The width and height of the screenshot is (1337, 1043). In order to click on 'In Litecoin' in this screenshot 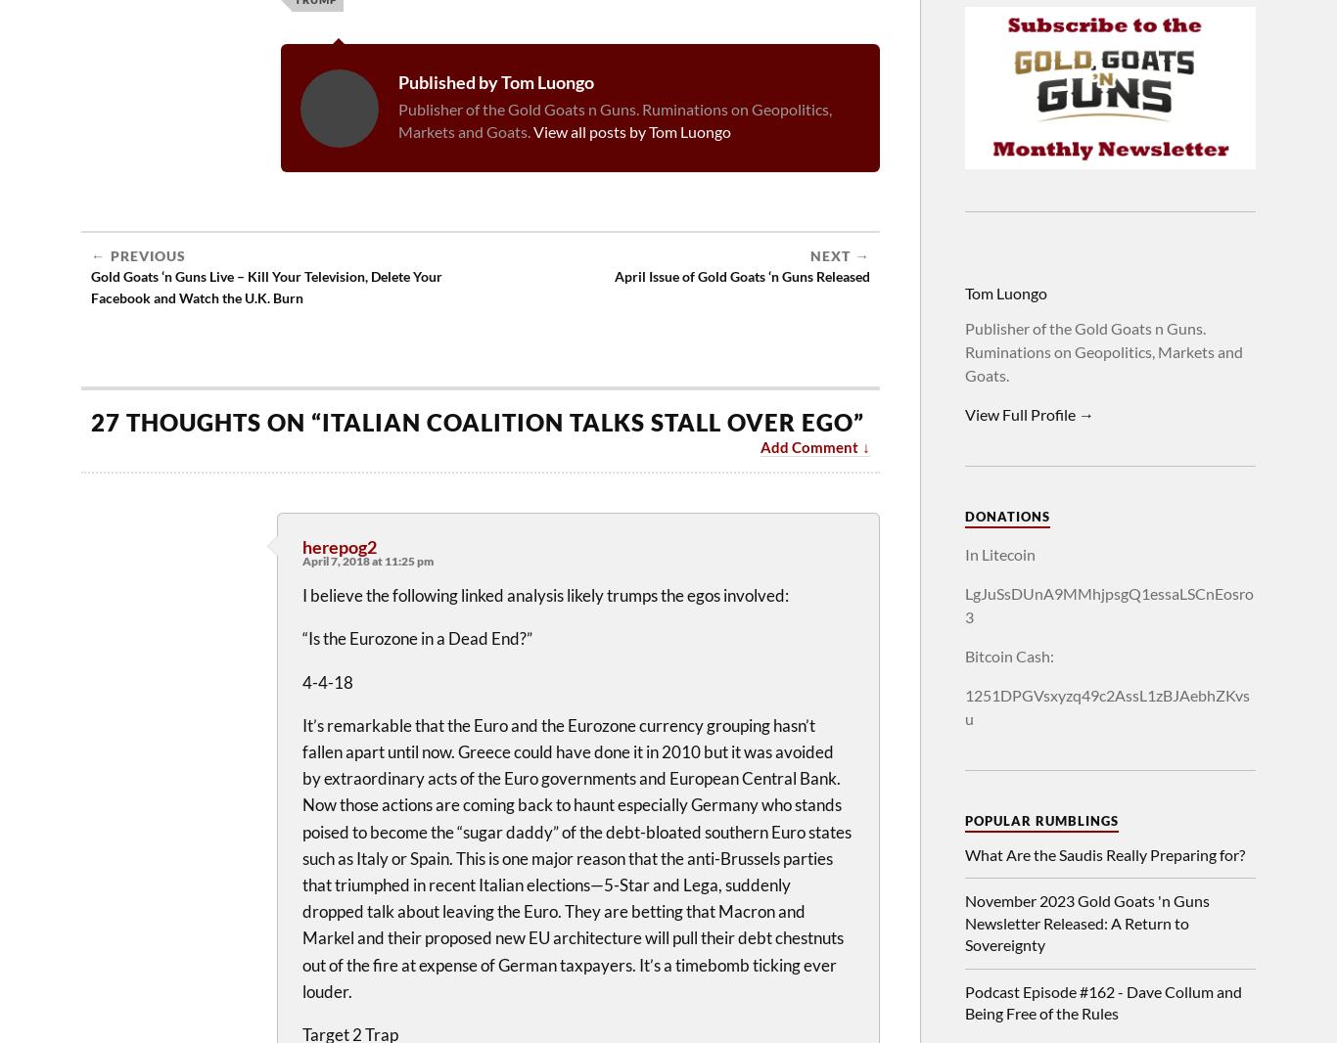, I will do `click(1000, 553)`.